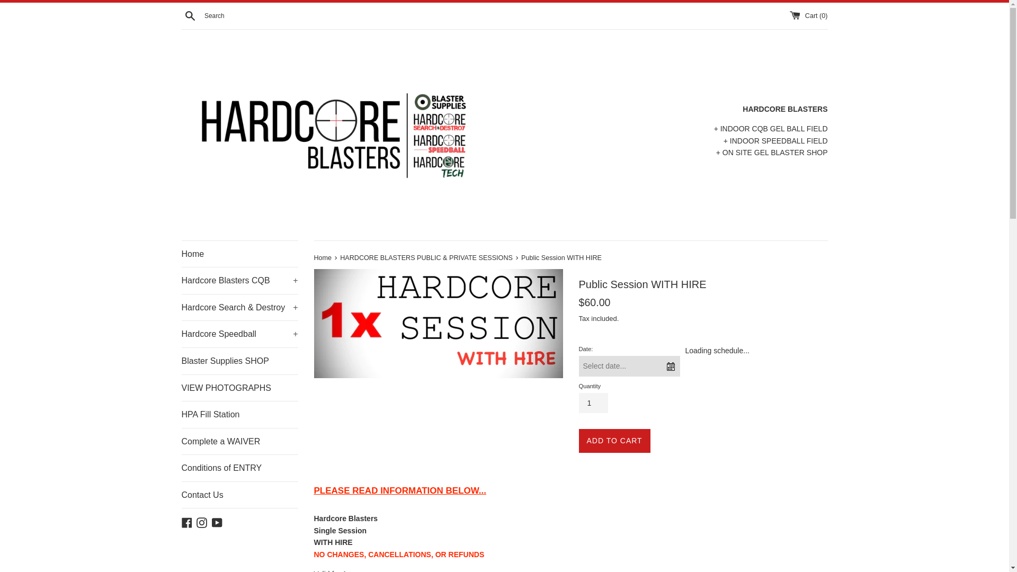  Describe the element at coordinates (216, 521) in the screenshot. I see `'YouTube'` at that location.